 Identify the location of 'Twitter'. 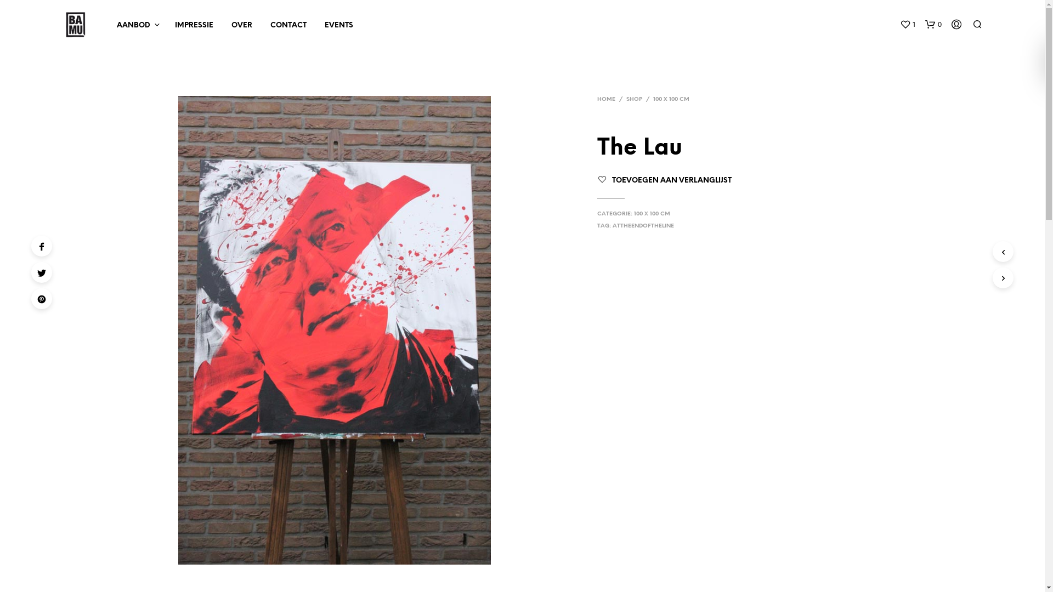
(42, 272).